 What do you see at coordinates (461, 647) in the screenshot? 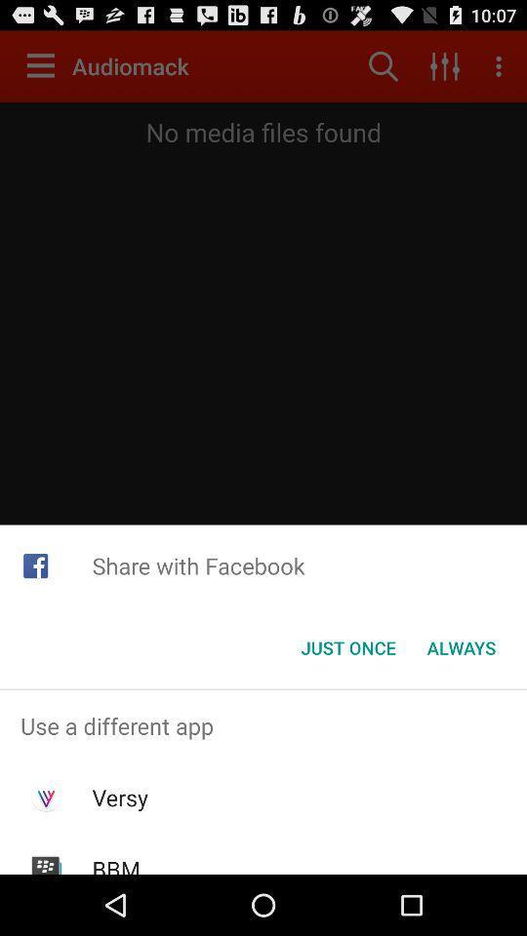
I see `the item at the bottom right corner` at bounding box center [461, 647].